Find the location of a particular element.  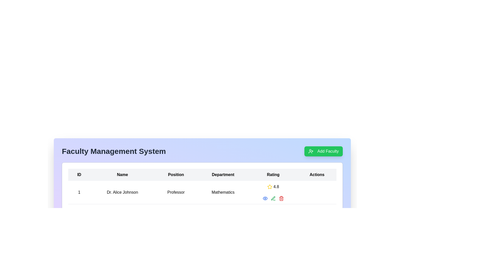

the 'Actions' column header text label, which is the last element in the header row located on the far right, following 'ID', 'Name', 'Position', 'Department', and 'Rating' is located at coordinates (317, 175).